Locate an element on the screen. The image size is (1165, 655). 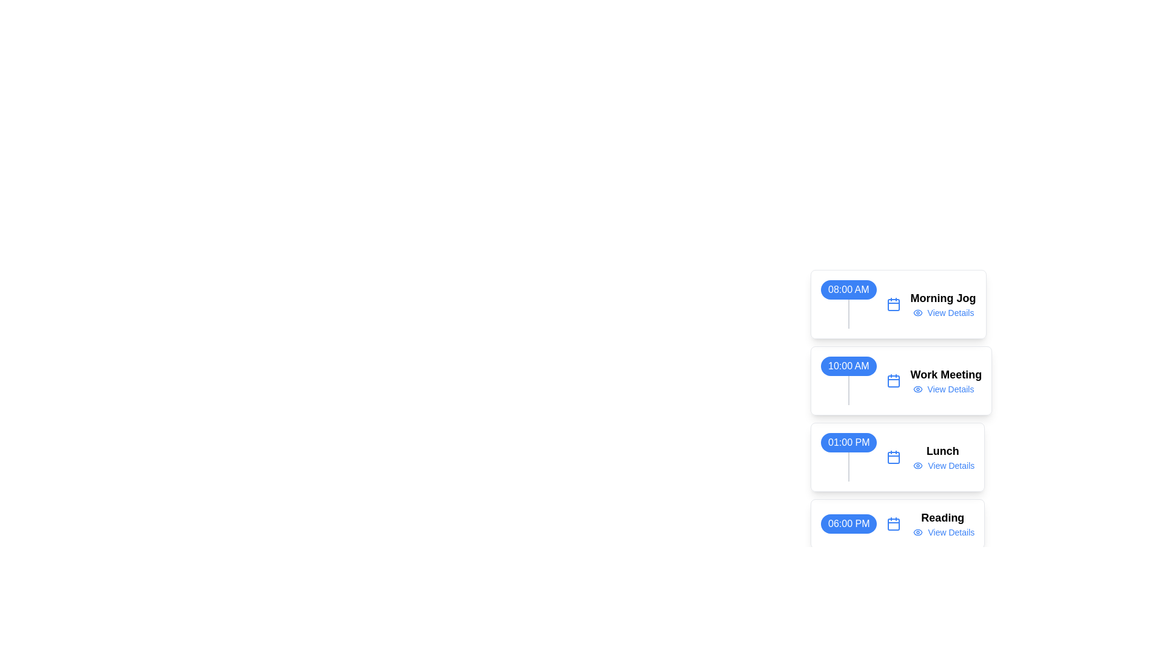
the inner rectangular component of the 'lucide calendar' icon that corresponds to the fourth event row labeled '06:00 PM Reading' is located at coordinates (894, 523).